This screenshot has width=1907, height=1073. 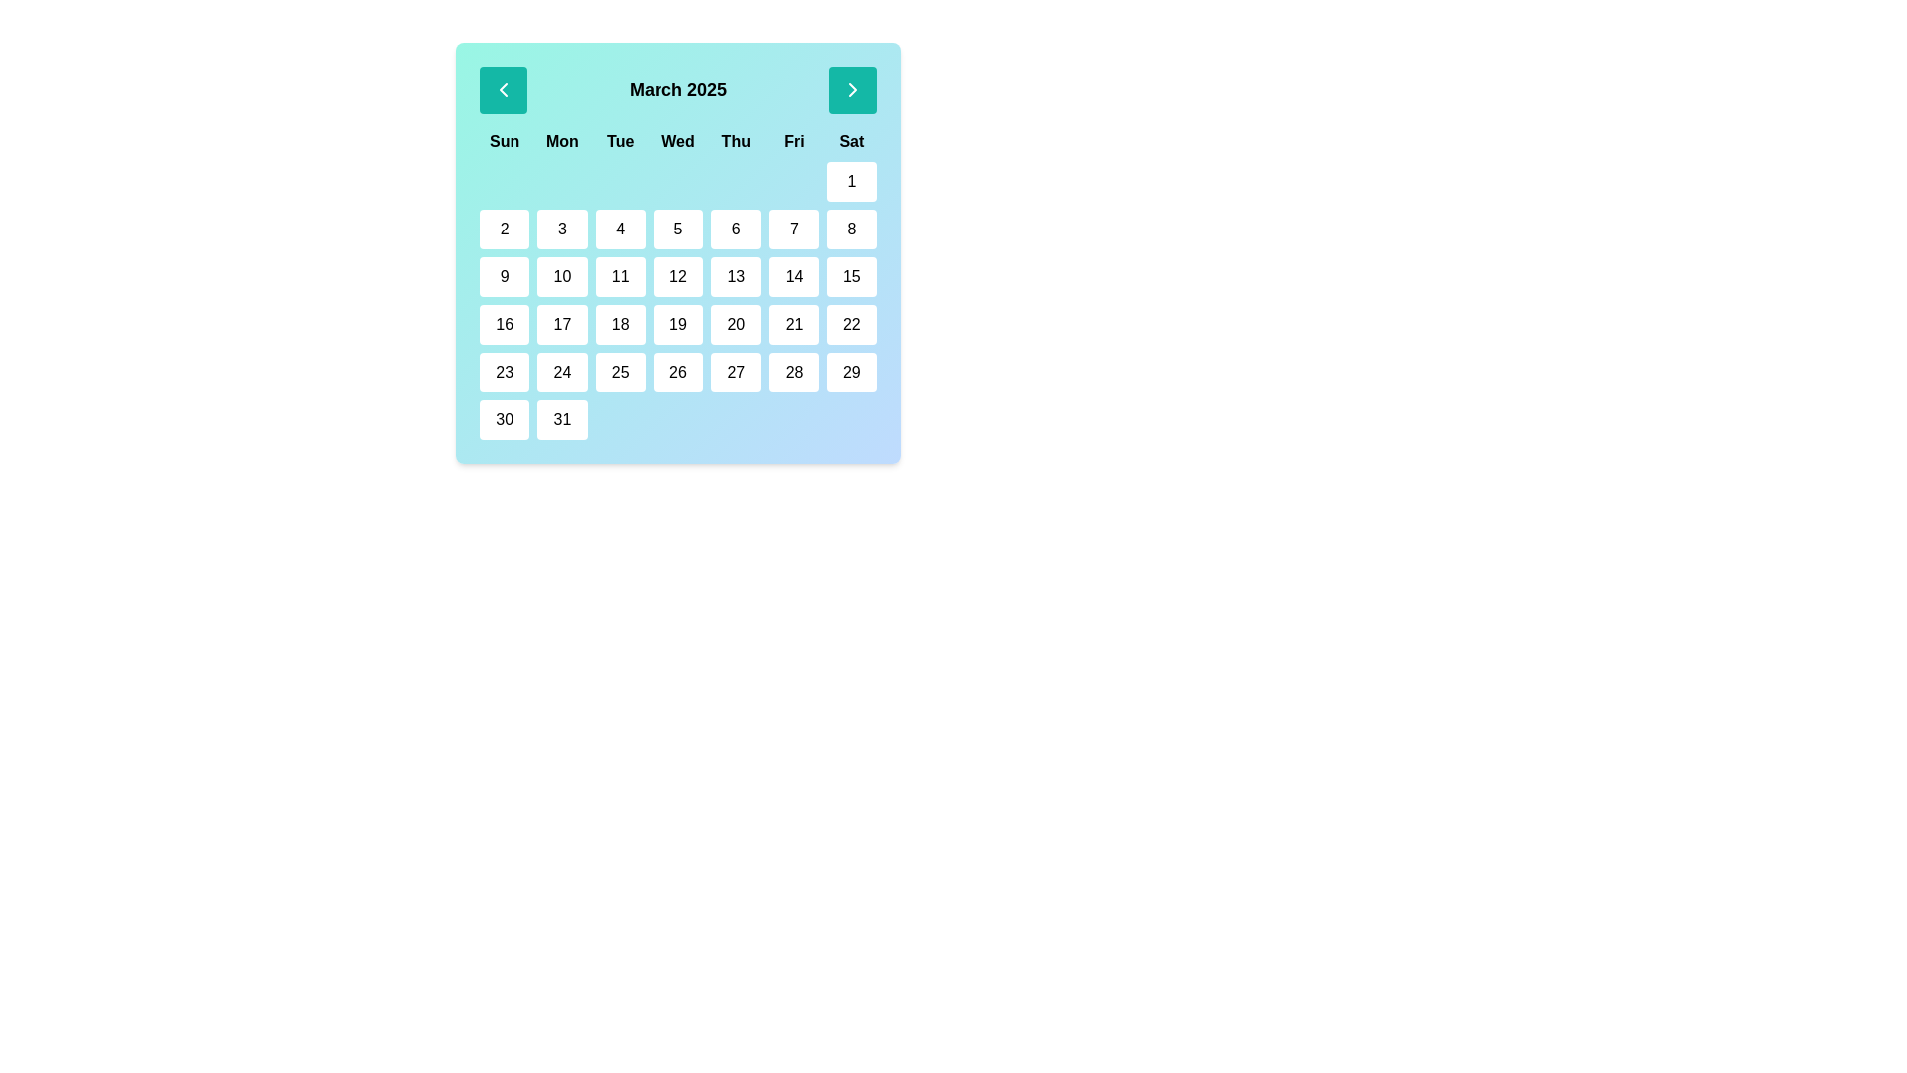 I want to click on the static text label indicating the first day of the week (Sunday) in the calendar view, located in the top left corner of the calendar layout, so click(x=505, y=140).